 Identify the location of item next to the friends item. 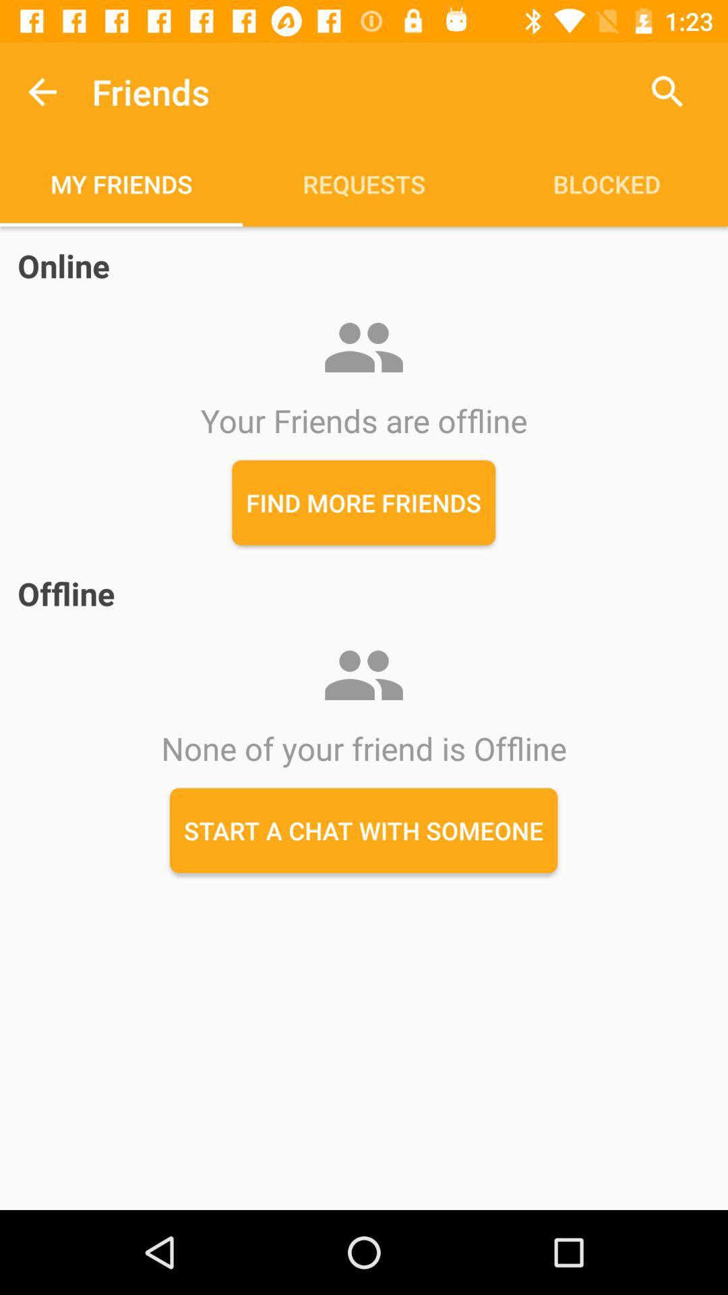
(667, 91).